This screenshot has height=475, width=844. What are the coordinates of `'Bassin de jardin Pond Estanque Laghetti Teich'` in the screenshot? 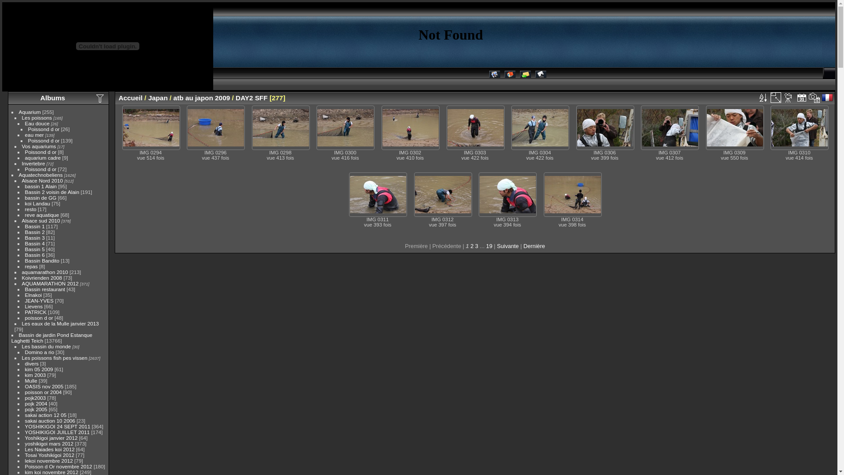 It's located at (51, 337).